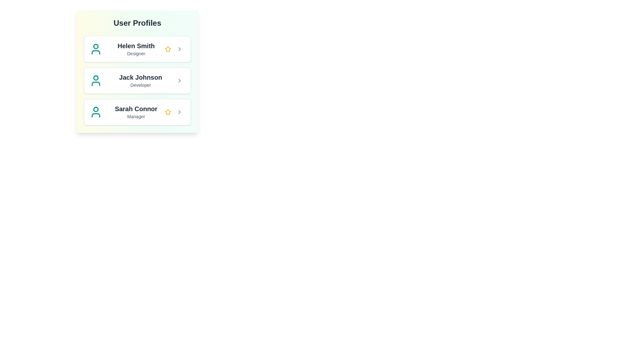 The width and height of the screenshot is (618, 347). I want to click on the profile icon for Sarah Connor, so click(95, 111).